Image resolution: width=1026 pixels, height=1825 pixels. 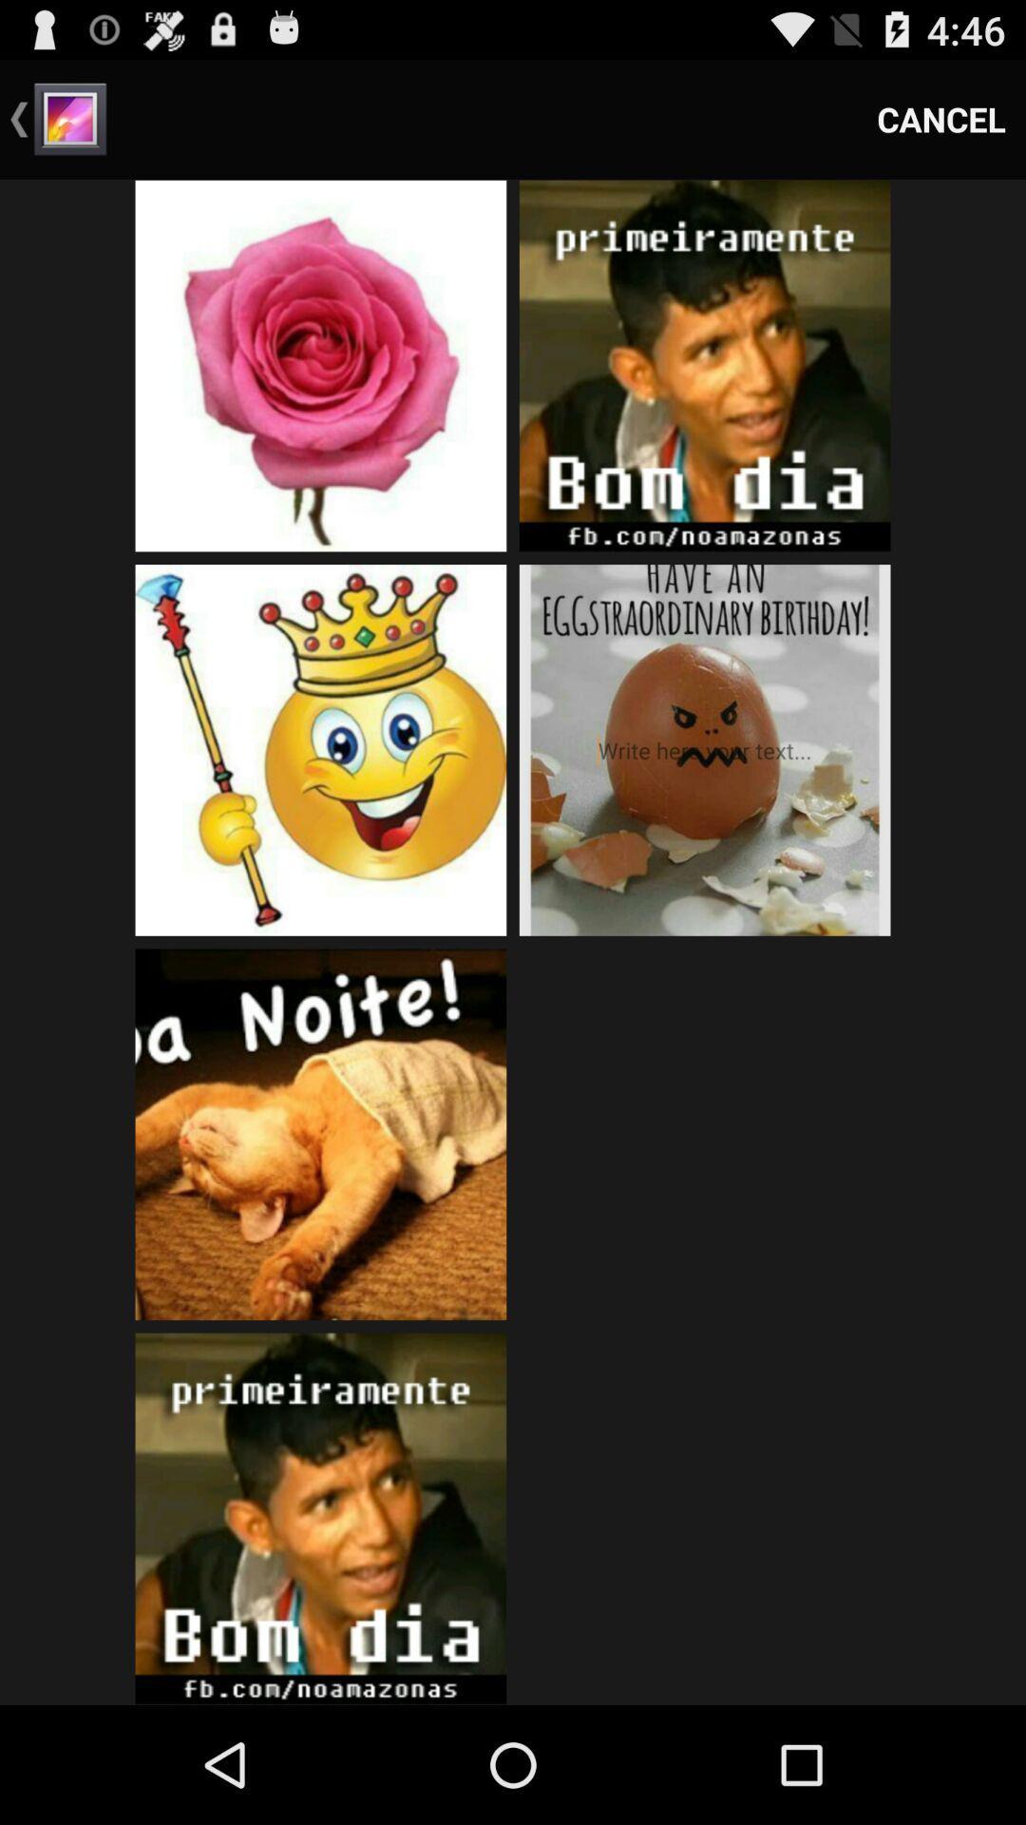 What do you see at coordinates (941, 118) in the screenshot?
I see `icon at the top right corner` at bounding box center [941, 118].